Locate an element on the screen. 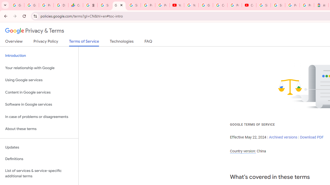 Image resolution: width=330 pixels, height=185 pixels. 'Country version:' is located at coordinates (243, 151).